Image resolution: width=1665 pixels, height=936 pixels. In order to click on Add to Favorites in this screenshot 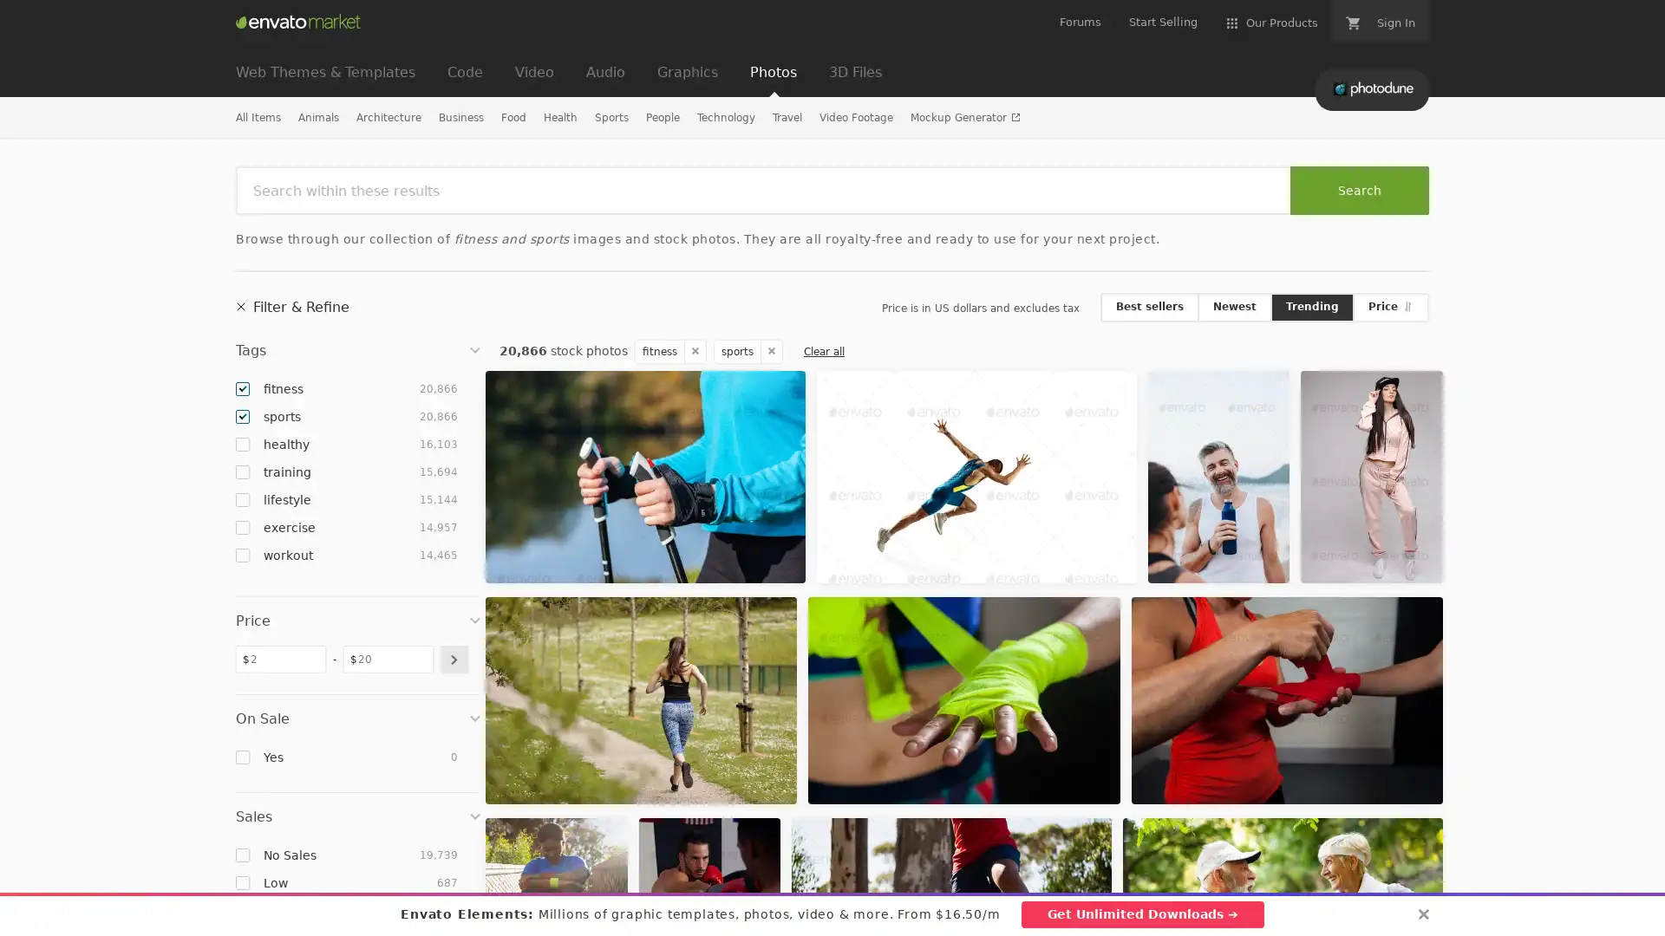, I will do `click(1419, 839)`.